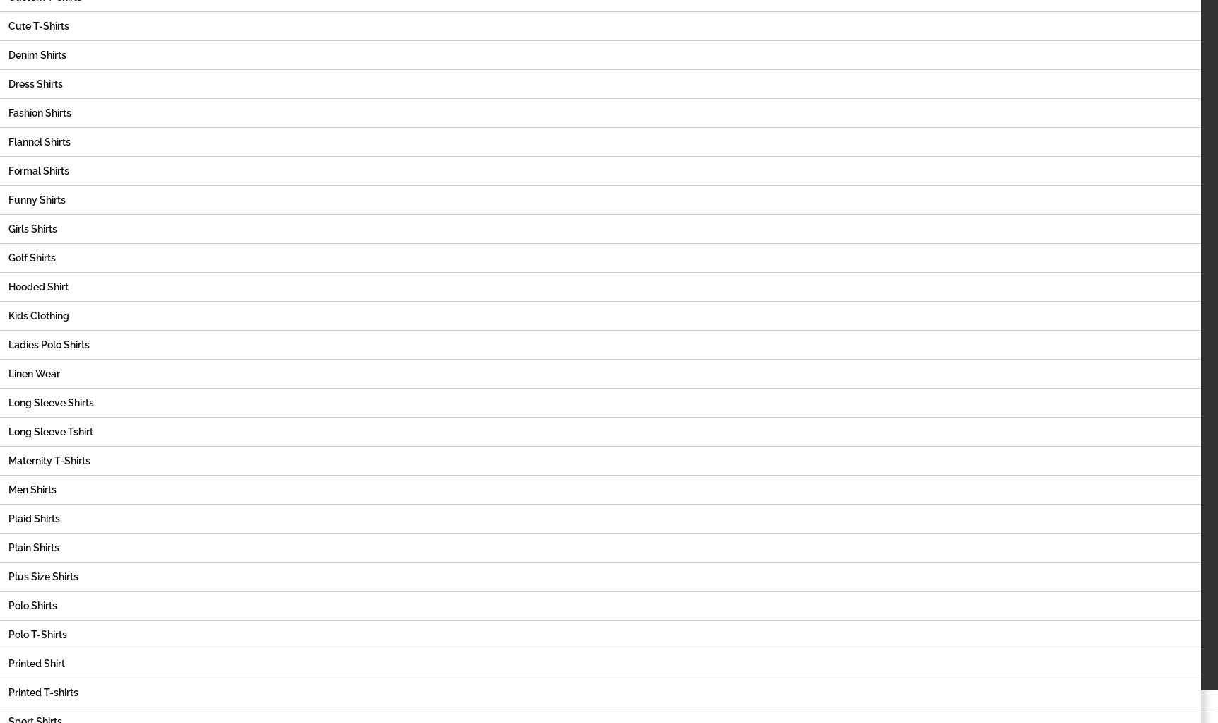 The width and height of the screenshot is (1218, 723). What do you see at coordinates (8, 26) in the screenshot?
I see `'Cute T-Shirts'` at bounding box center [8, 26].